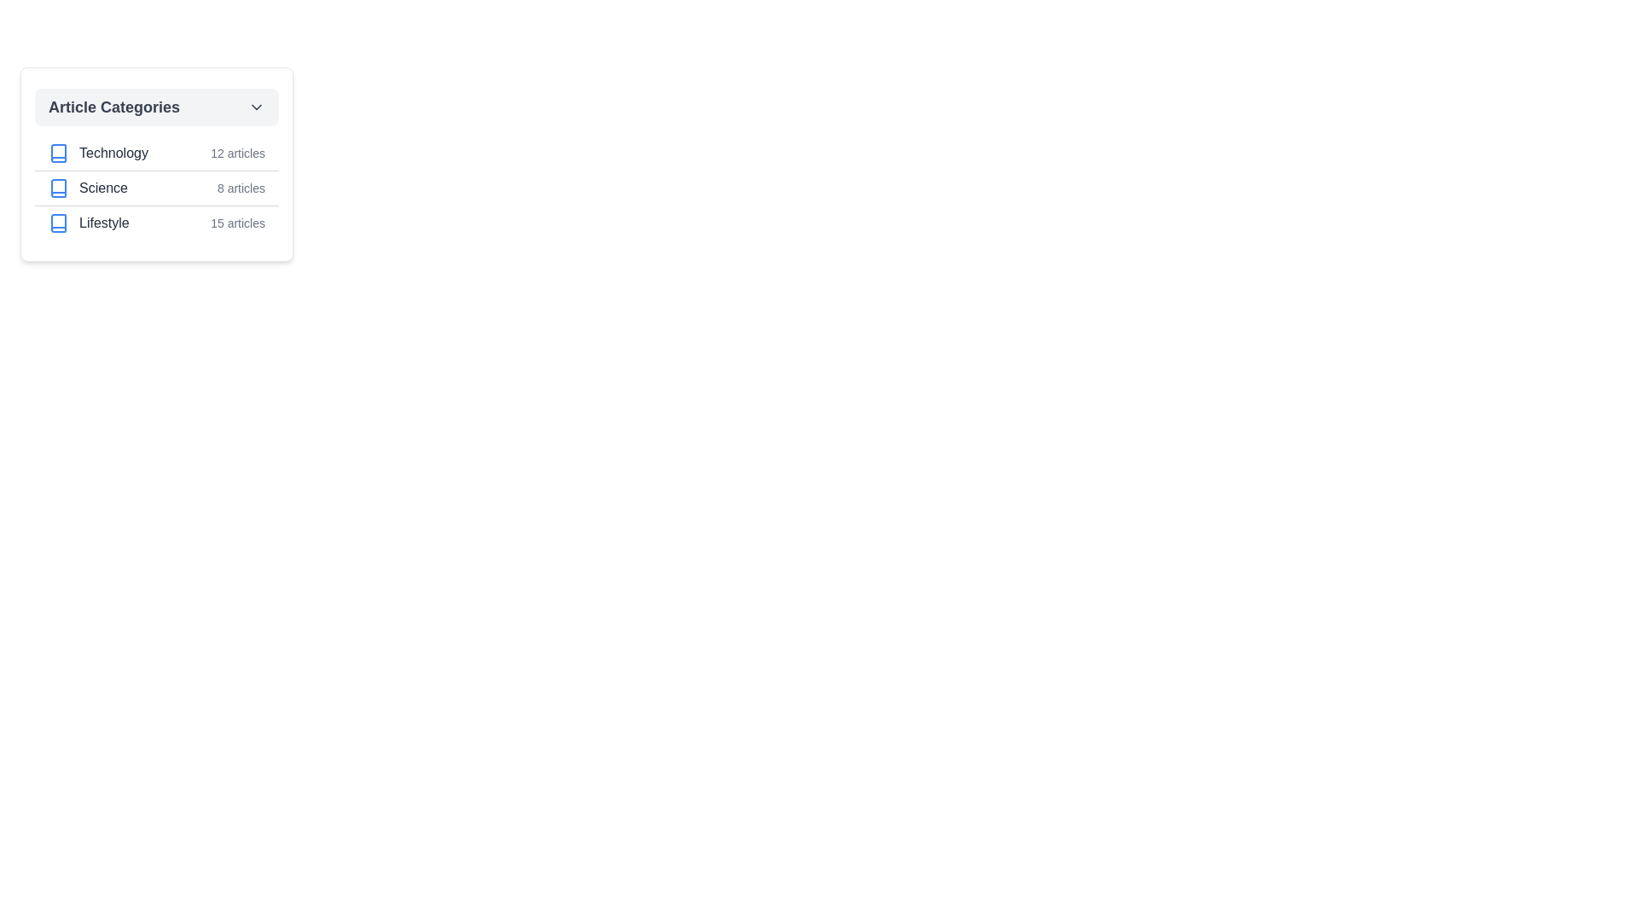 The width and height of the screenshot is (1638, 921). Describe the element at coordinates (58, 188) in the screenshot. I see `the 'Science' category icon, which is a vector graphic styled as a book illustration, located in the second row of the category list` at that location.